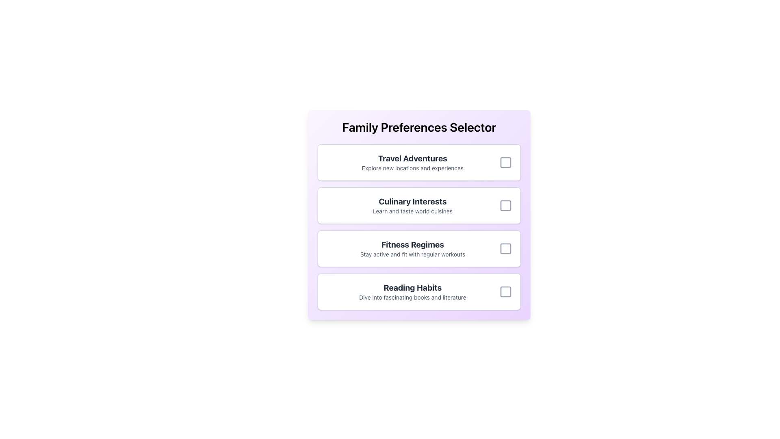 This screenshot has width=780, height=439. I want to click on the bold, large static text displaying 'Fitness Regimes', which is styled in dark gray and located under the 'Family Preferences Selector' heading, so click(413, 244).